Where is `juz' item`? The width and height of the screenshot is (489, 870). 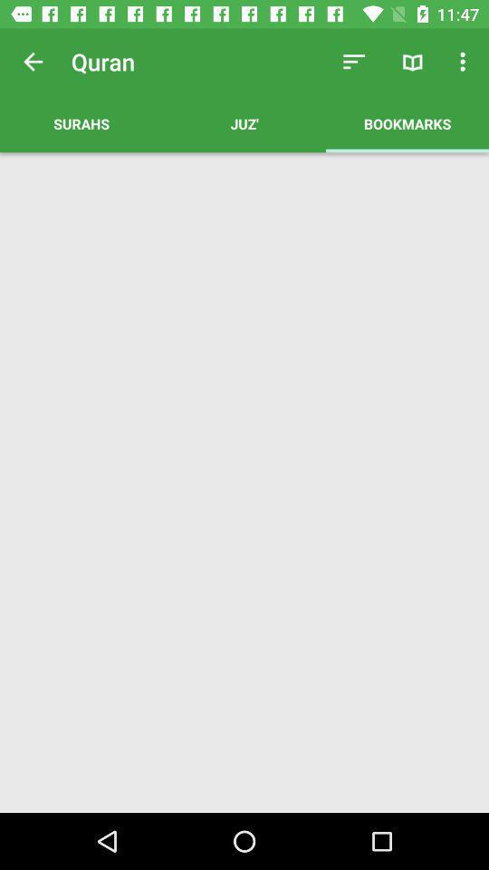
juz' item is located at coordinates (244, 122).